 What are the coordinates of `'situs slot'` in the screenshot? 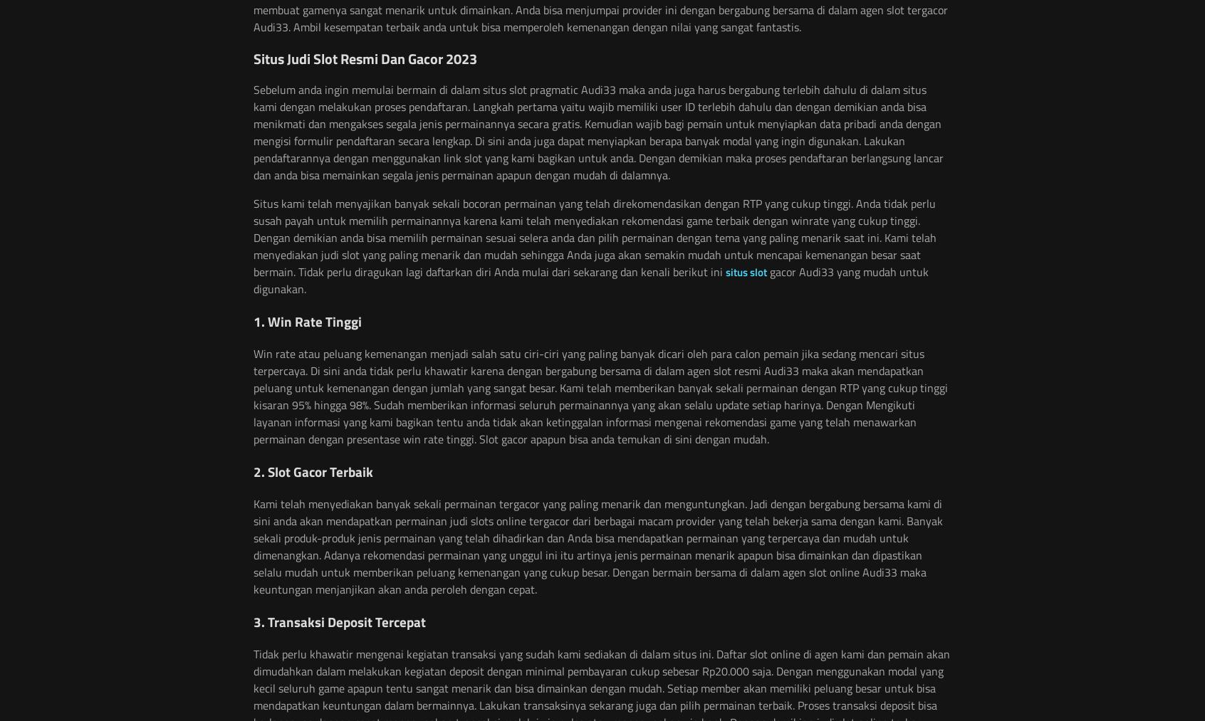 It's located at (746, 272).